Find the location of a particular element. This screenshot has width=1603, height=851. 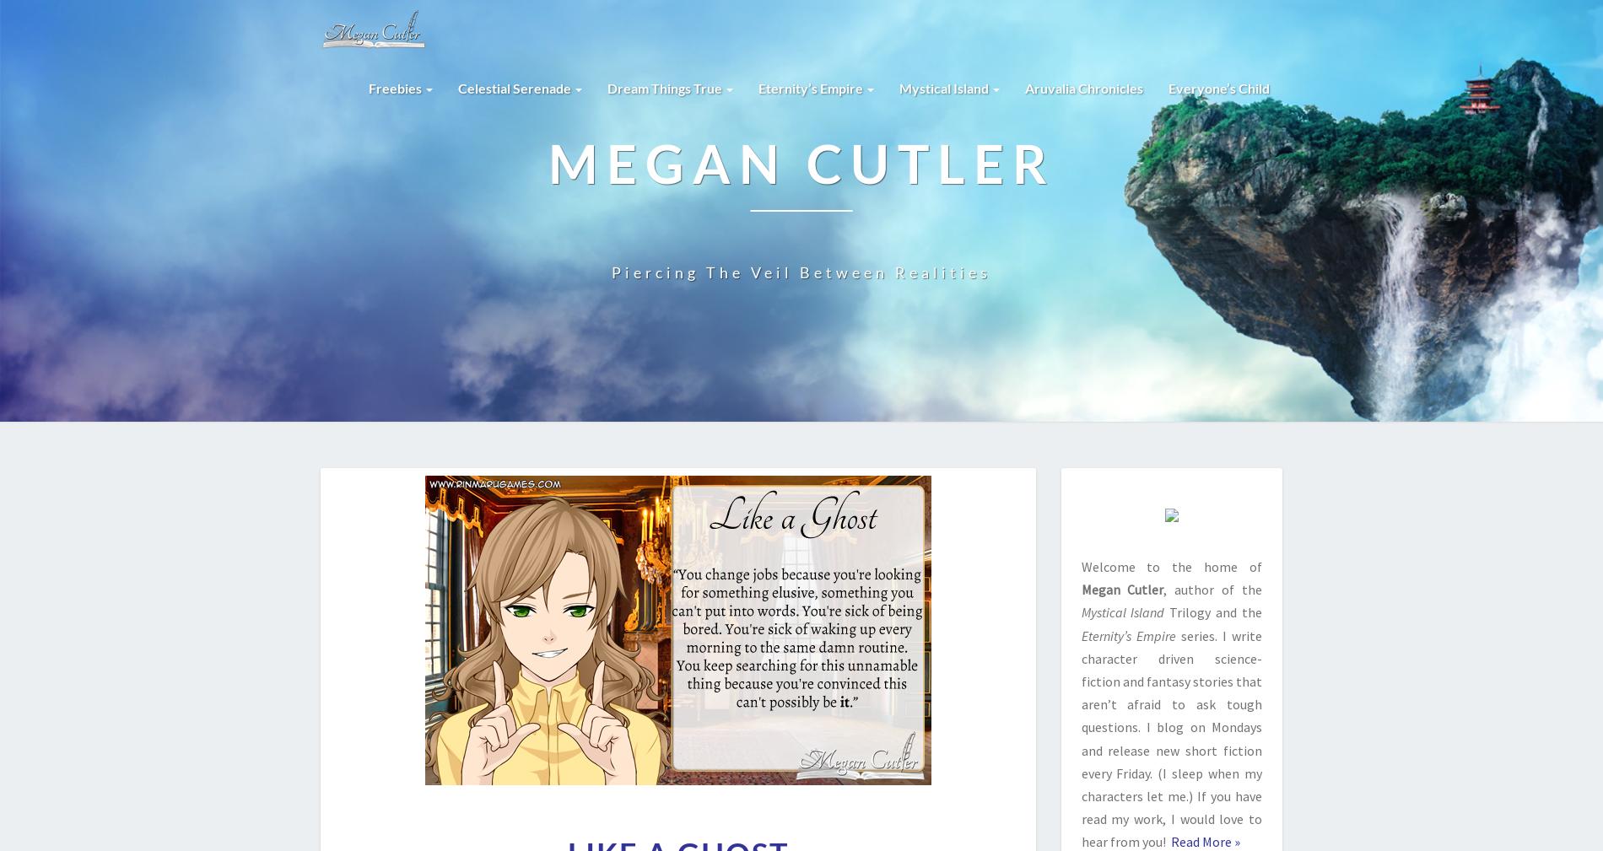

'Trilogy and the' is located at coordinates (1212, 611).